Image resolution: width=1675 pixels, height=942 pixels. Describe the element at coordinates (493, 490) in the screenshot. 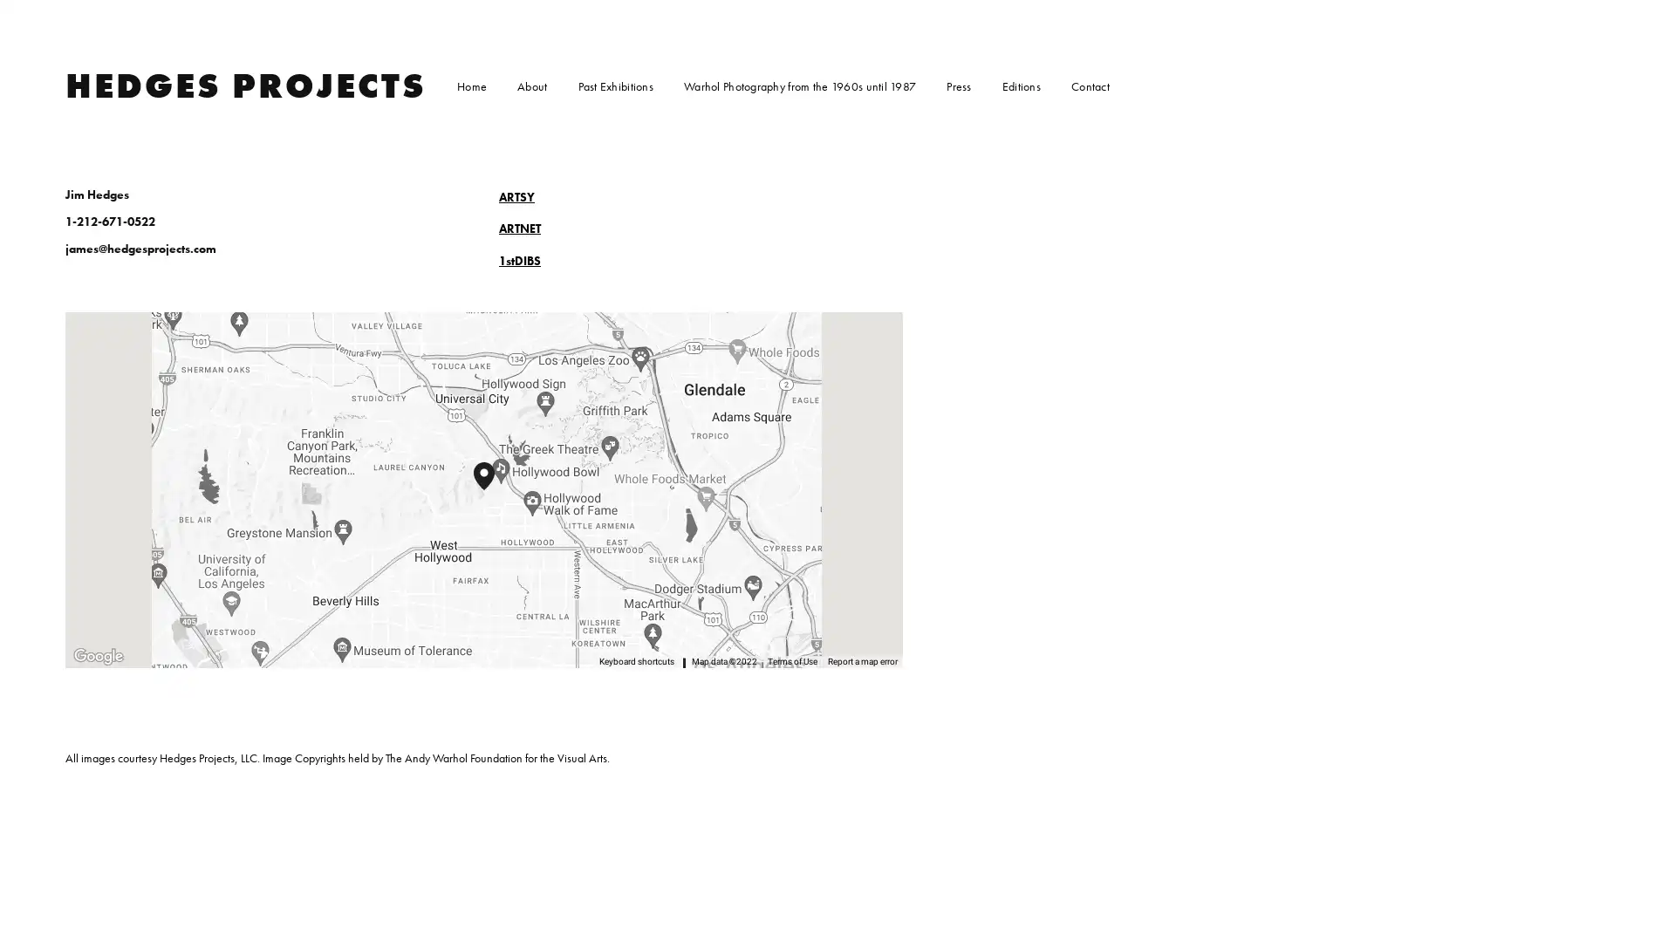

I see `2120 Outpost Drive Los Angeles, CA, 90068, United States` at that location.